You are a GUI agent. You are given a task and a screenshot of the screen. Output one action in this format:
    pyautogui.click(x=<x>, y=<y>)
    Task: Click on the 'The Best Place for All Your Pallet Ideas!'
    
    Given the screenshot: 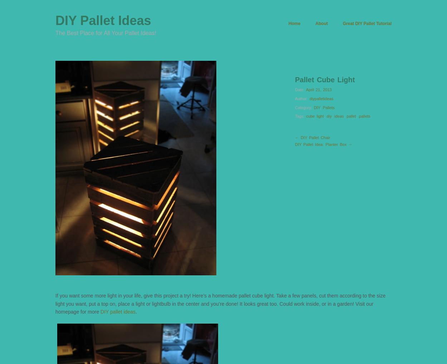 What is the action you would take?
    pyautogui.click(x=105, y=33)
    